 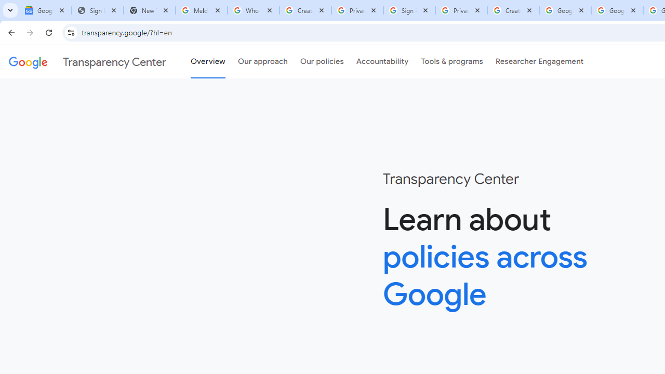 What do you see at coordinates (451, 62) in the screenshot?
I see `'Tools & programs'` at bounding box center [451, 62].